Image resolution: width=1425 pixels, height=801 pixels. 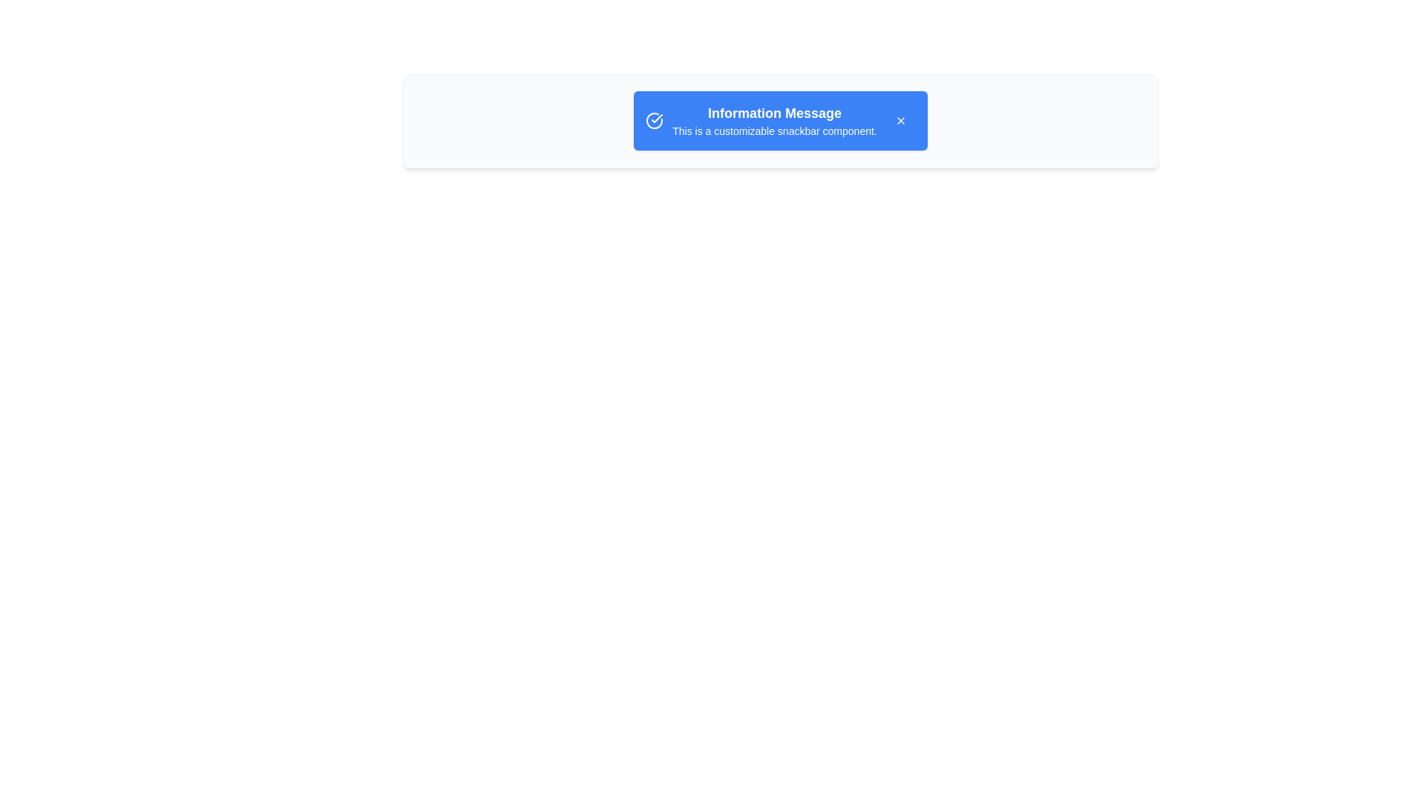 I want to click on the text within the snackbar to select it, so click(x=773, y=119).